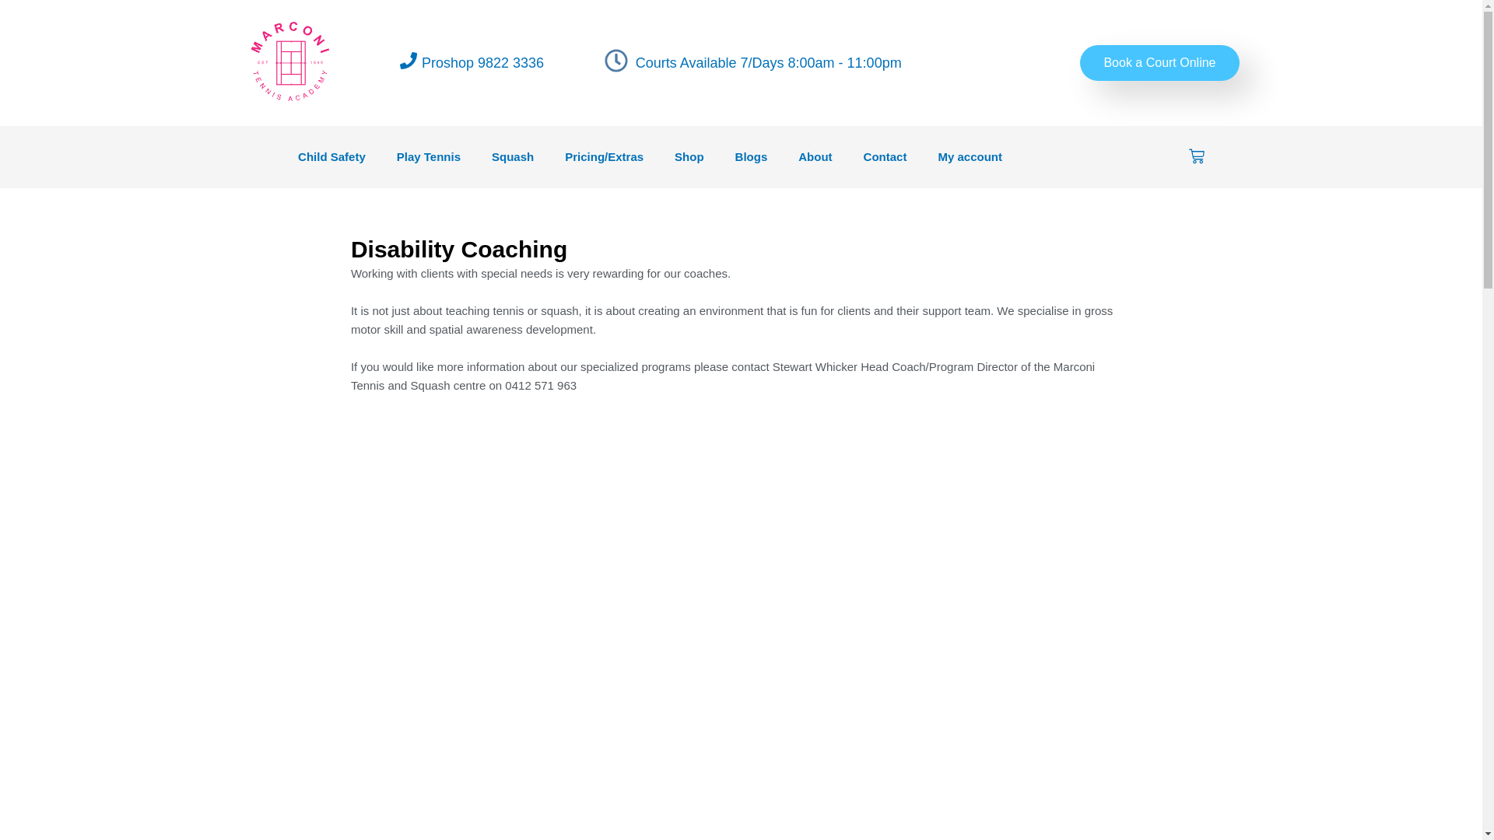  Describe the element at coordinates (331, 156) in the screenshot. I see `'Child Safety'` at that location.